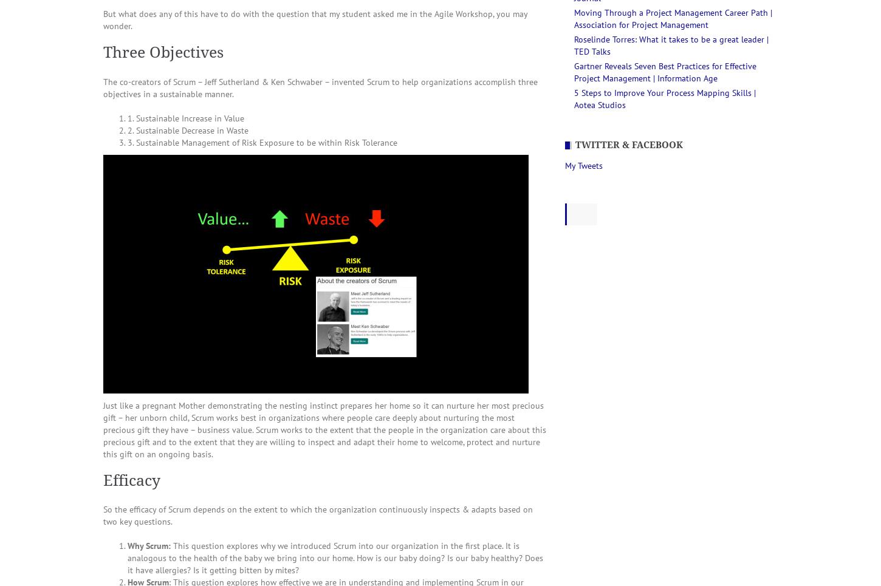 The image size is (881, 586). What do you see at coordinates (665, 72) in the screenshot?
I see `'Gartner Reveals Seven Best Practices for Effective Project Management | Information Age'` at bounding box center [665, 72].